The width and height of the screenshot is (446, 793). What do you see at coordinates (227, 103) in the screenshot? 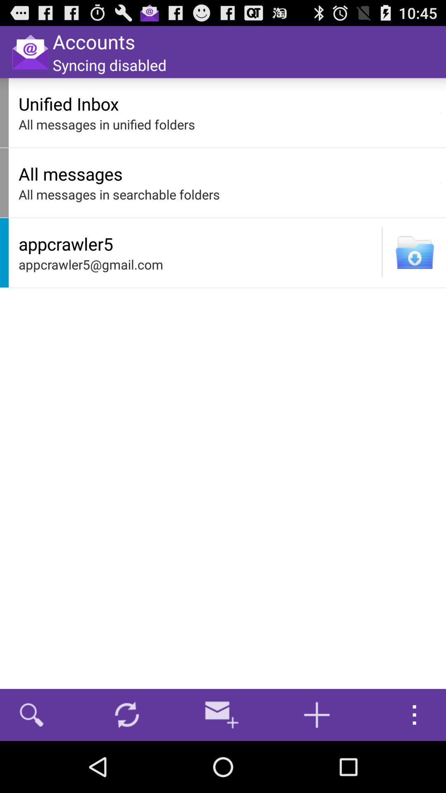
I see `unified inbox icon` at bounding box center [227, 103].